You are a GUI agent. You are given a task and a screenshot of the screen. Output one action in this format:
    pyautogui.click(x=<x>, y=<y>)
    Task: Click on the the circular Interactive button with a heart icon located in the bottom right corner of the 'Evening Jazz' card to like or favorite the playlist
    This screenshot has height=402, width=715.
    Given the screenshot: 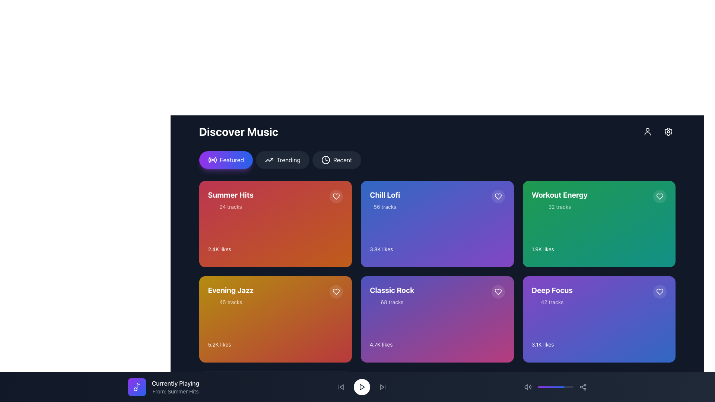 What is the action you would take?
    pyautogui.click(x=336, y=291)
    